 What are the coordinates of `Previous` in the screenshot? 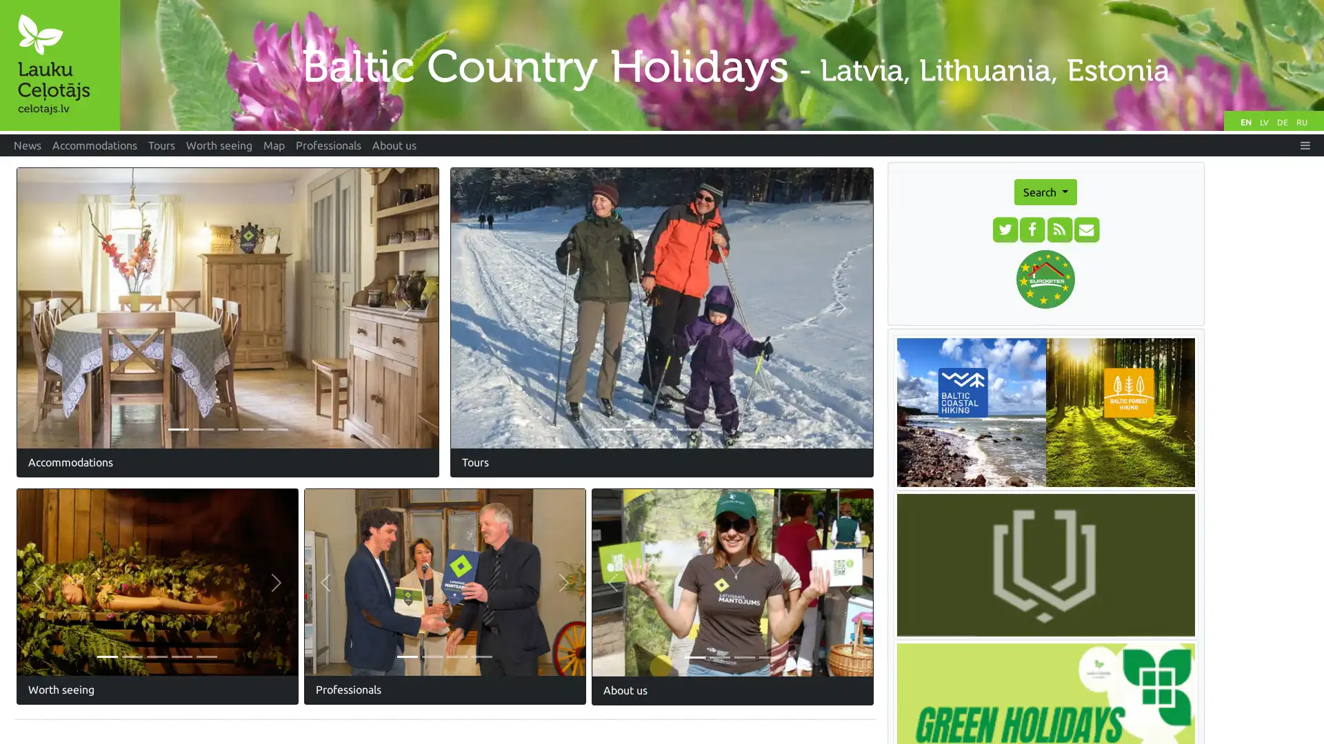 It's located at (38, 582).